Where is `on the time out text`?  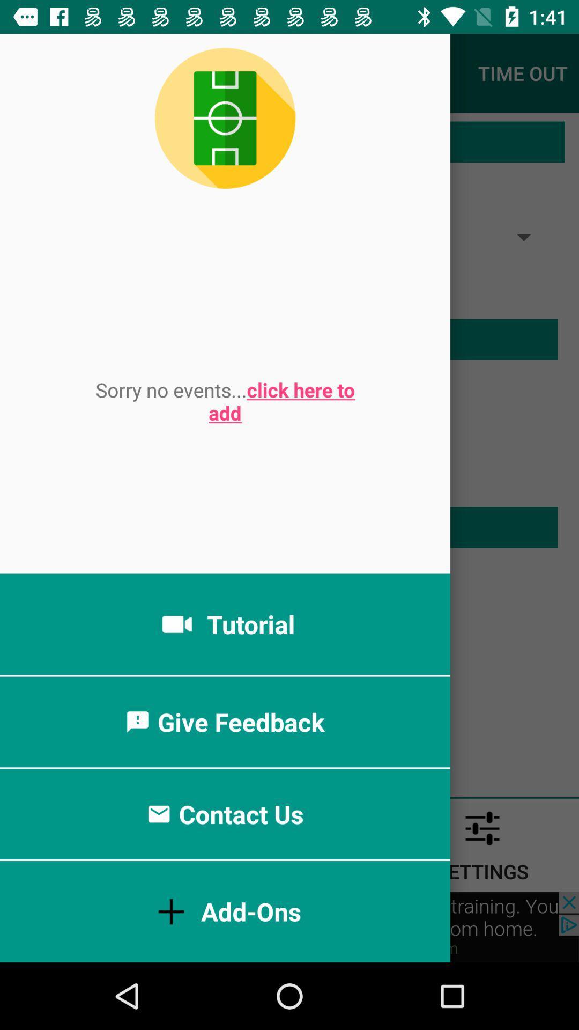
on the time out text is located at coordinates (522, 73).